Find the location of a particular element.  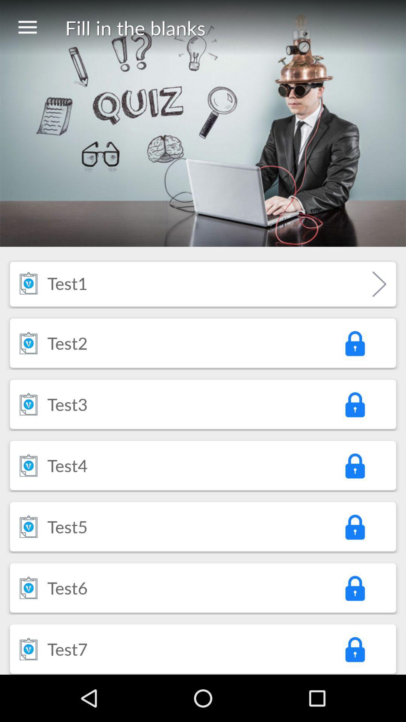

the icon to the right of test7 is located at coordinates (354, 649).